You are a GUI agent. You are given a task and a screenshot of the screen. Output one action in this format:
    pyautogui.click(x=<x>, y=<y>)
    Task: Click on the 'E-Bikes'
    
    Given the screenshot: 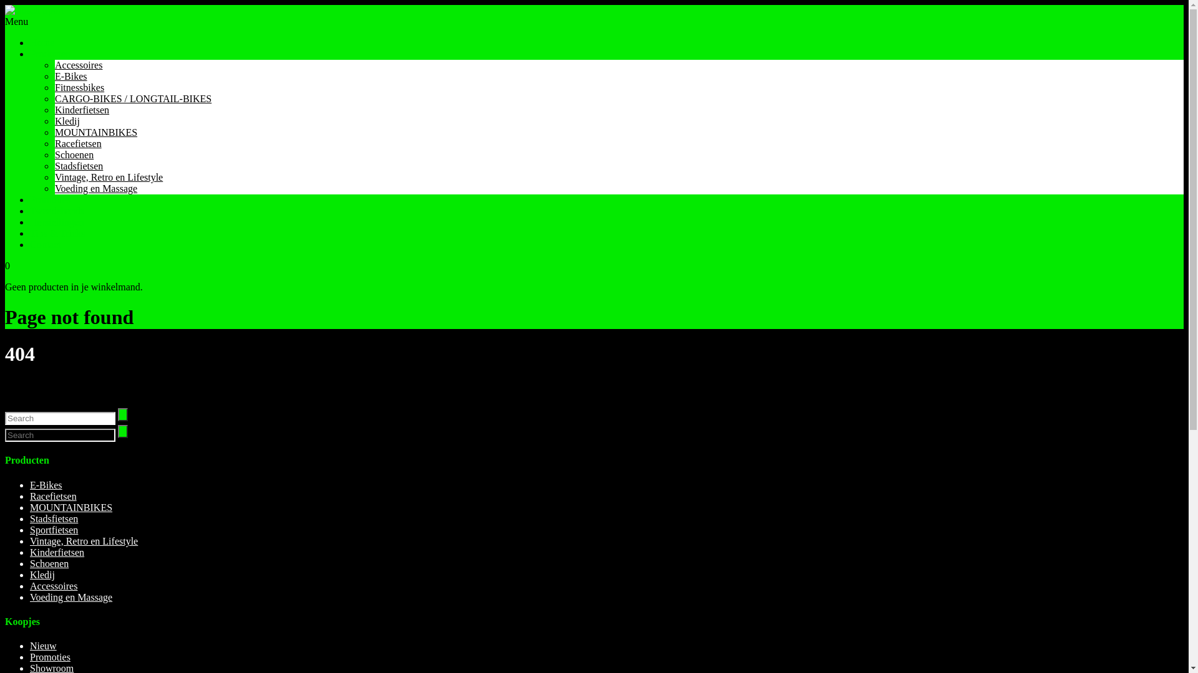 What is the action you would take?
    pyautogui.click(x=46, y=484)
    